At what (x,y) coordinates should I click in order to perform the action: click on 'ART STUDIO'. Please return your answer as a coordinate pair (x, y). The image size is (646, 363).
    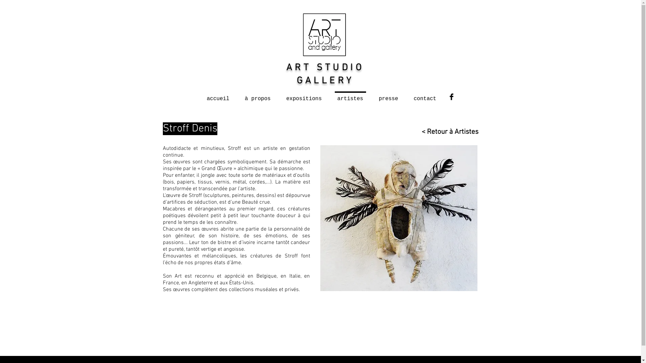
    Looking at the image, I should click on (325, 68).